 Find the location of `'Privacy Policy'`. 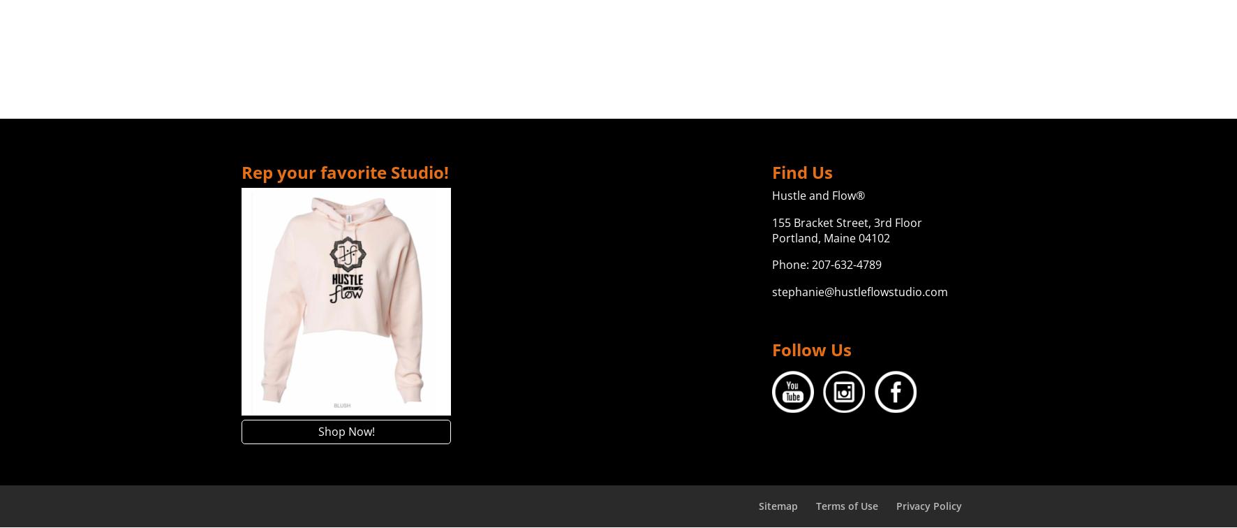

'Privacy Policy' is located at coordinates (928, 505).